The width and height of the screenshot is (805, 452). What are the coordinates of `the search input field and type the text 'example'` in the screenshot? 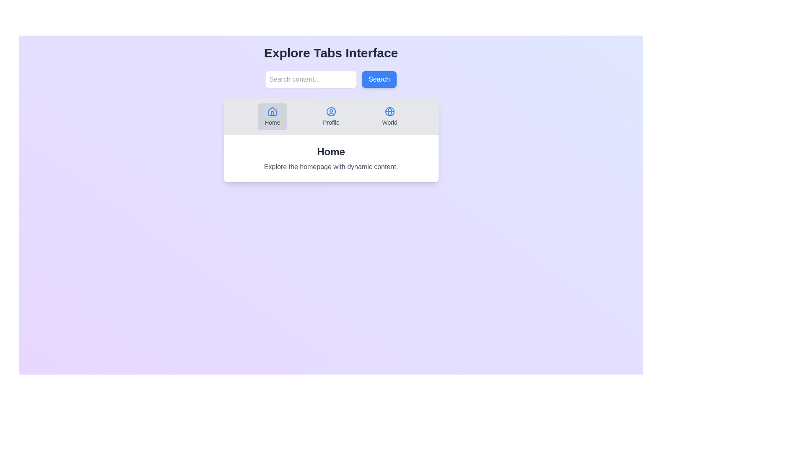 It's located at (311, 79).